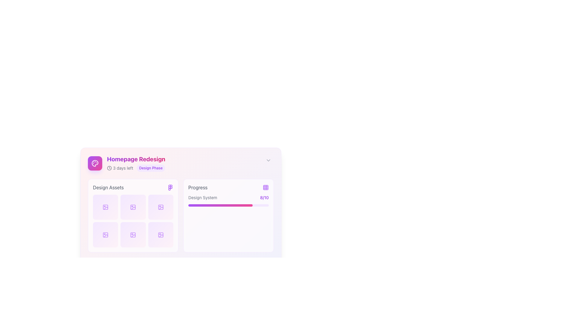 This screenshot has height=322, width=574. What do you see at coordinates (161, 234) in the screenshot?
I see `the bottom-right icon in the 'Design Assets' section` at bounding box center [161, 234].